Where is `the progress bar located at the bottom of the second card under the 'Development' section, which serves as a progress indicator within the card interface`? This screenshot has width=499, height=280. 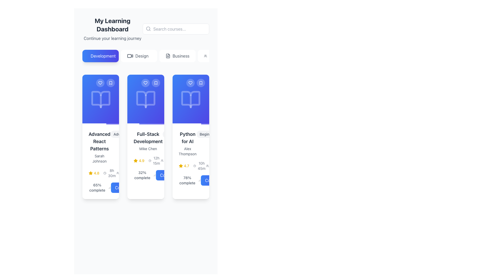 the progress bar located at the bottom of the second card under the 'Development' section, which serves as a progress indicator within the card interface is located at coordinates (133, 124).